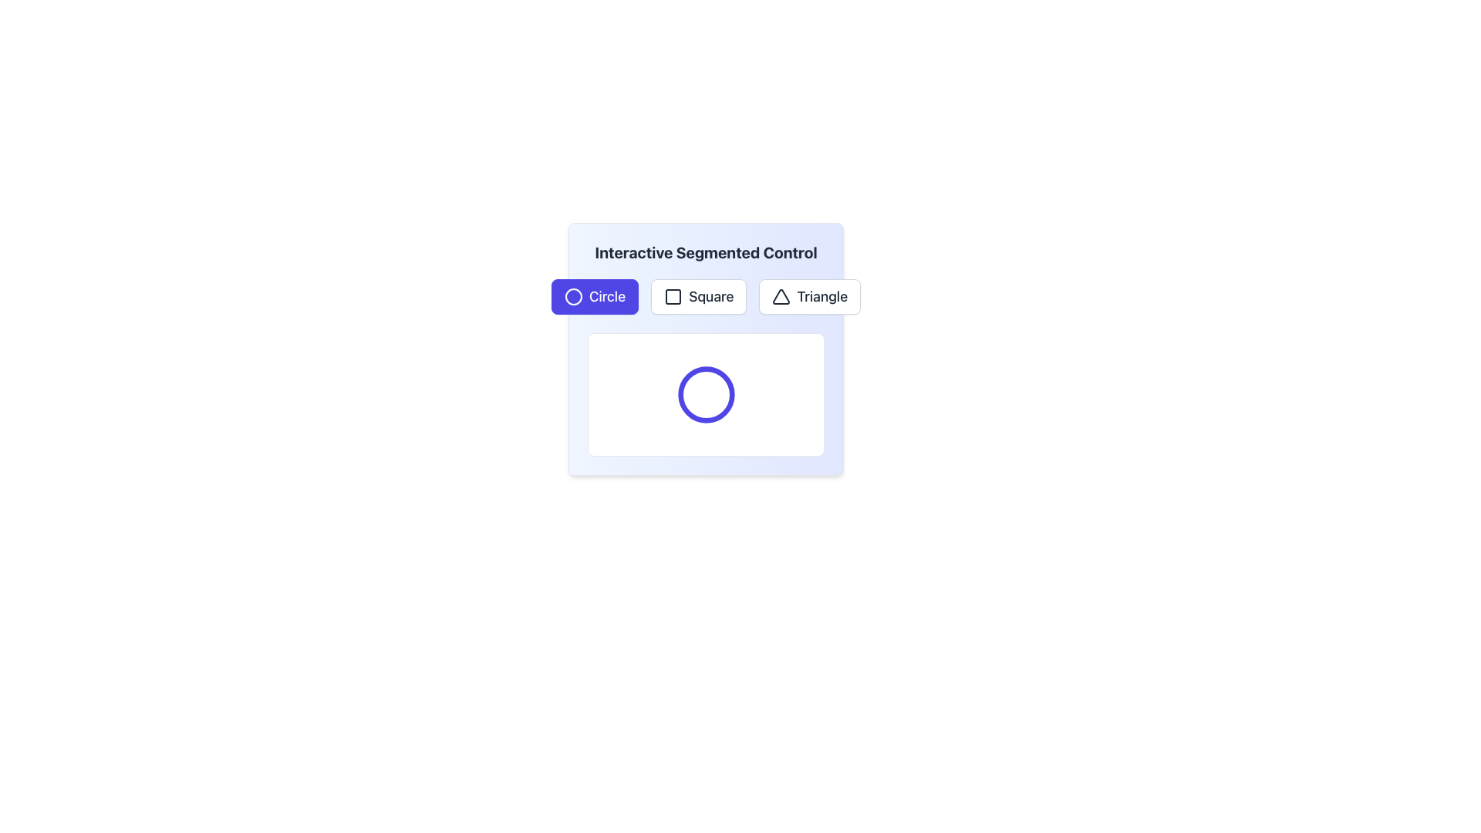 This screenshot has width=1481, height=833. Describe the element at coordinates (809, 297) in the screenshot. I see `the 'Triangle' button in the segmented control interface` at that location.